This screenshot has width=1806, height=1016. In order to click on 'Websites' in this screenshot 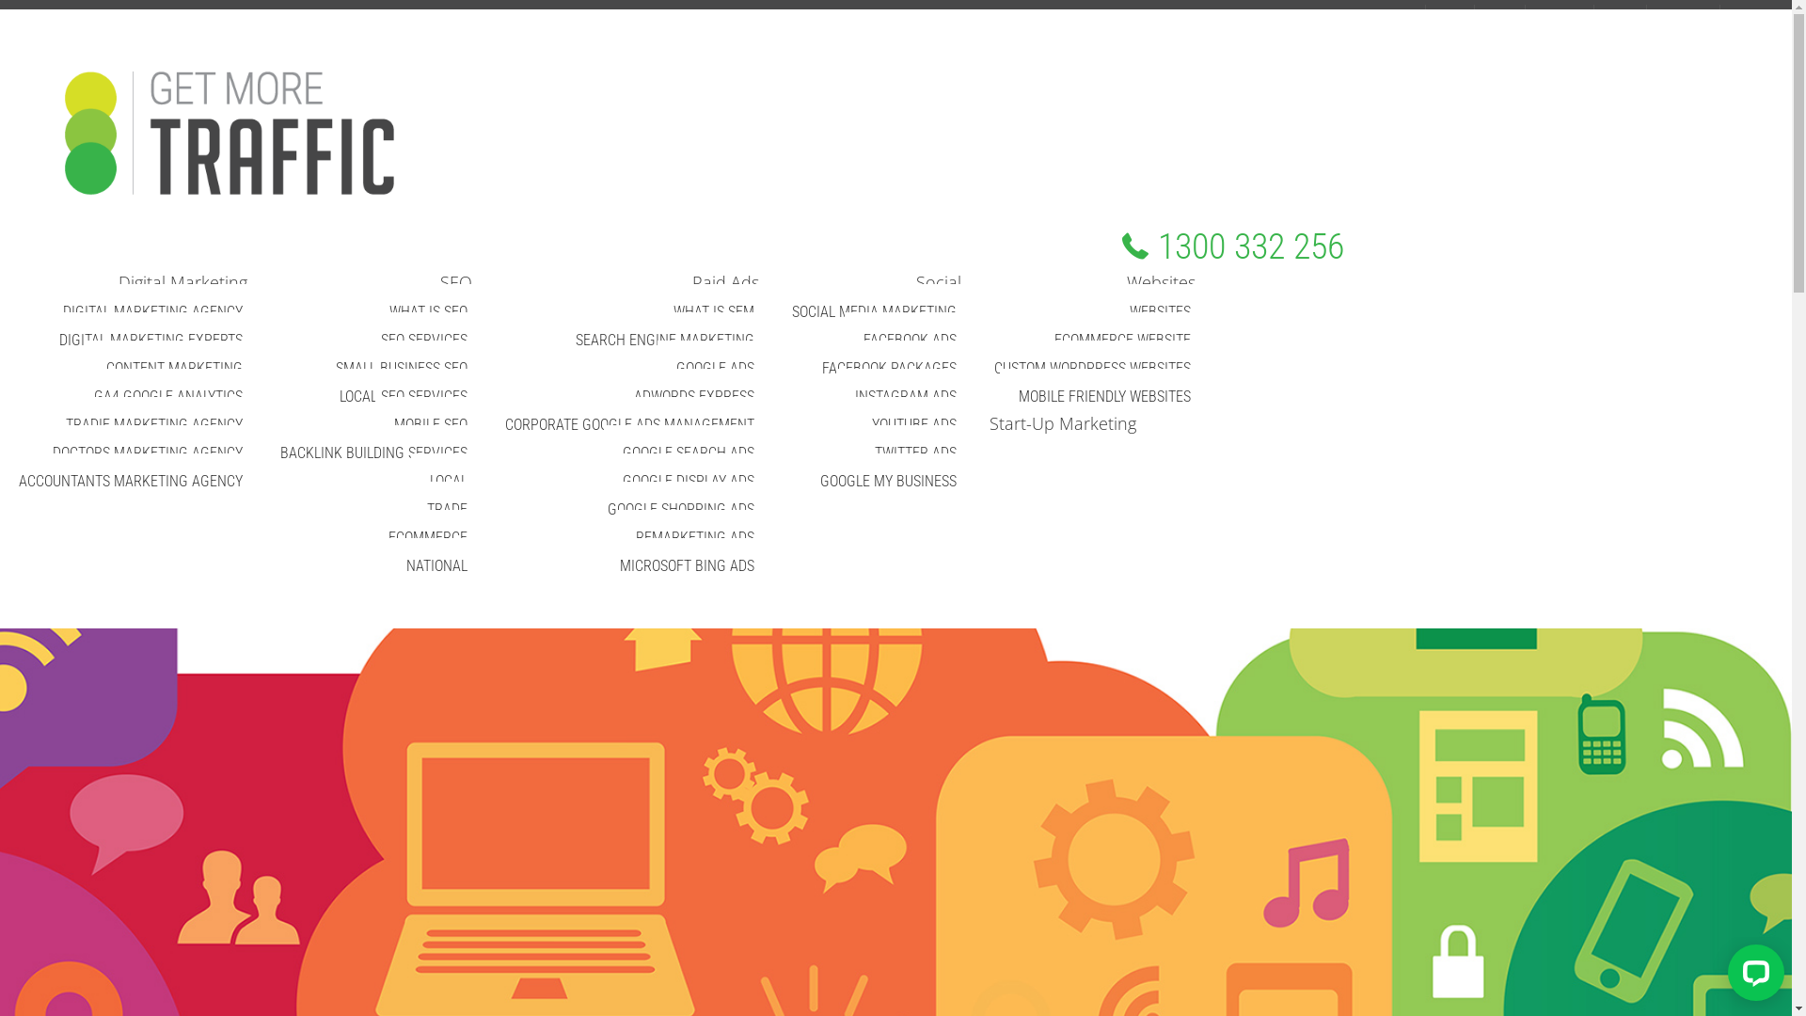, I will do `click(1160, 282)`.